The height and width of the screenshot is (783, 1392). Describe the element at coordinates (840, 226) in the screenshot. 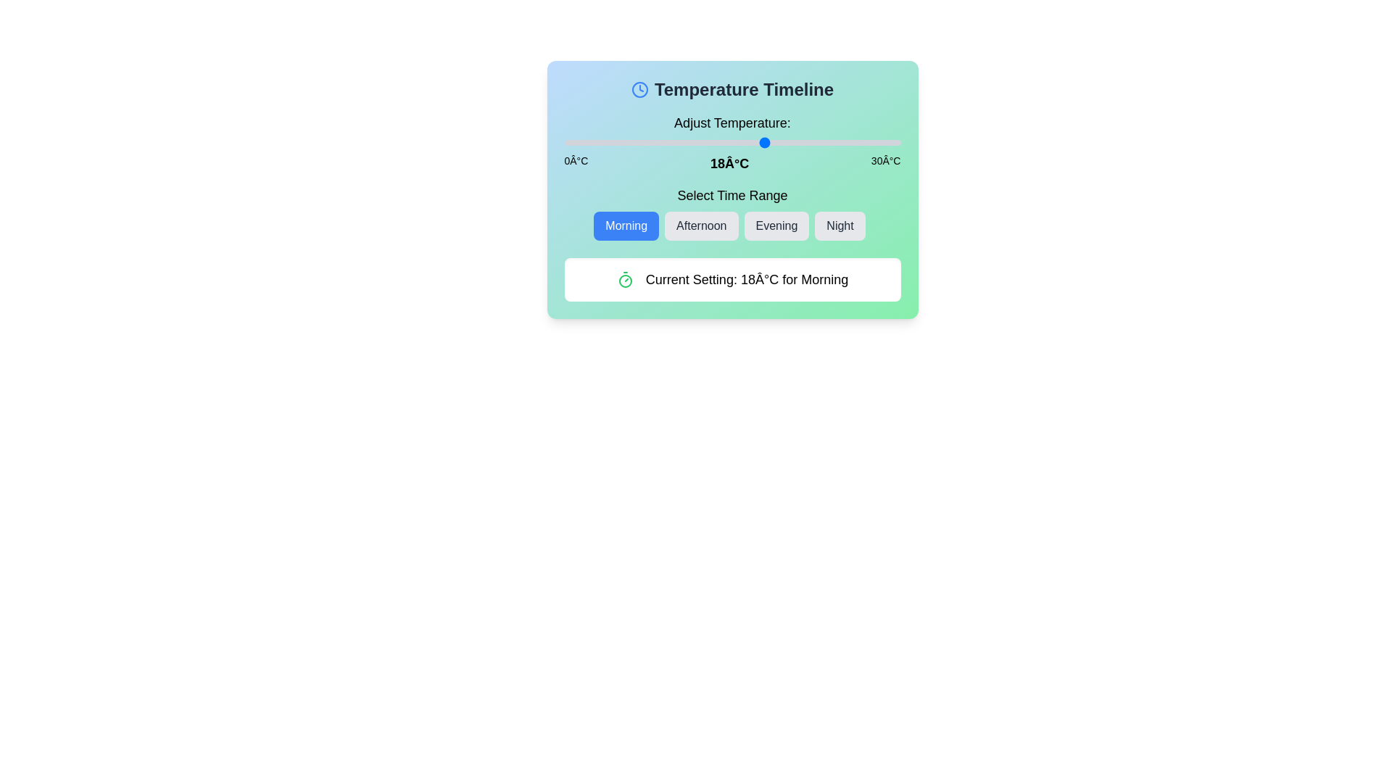

I see `the 'Night' button to select the corresponding time range` at that location.